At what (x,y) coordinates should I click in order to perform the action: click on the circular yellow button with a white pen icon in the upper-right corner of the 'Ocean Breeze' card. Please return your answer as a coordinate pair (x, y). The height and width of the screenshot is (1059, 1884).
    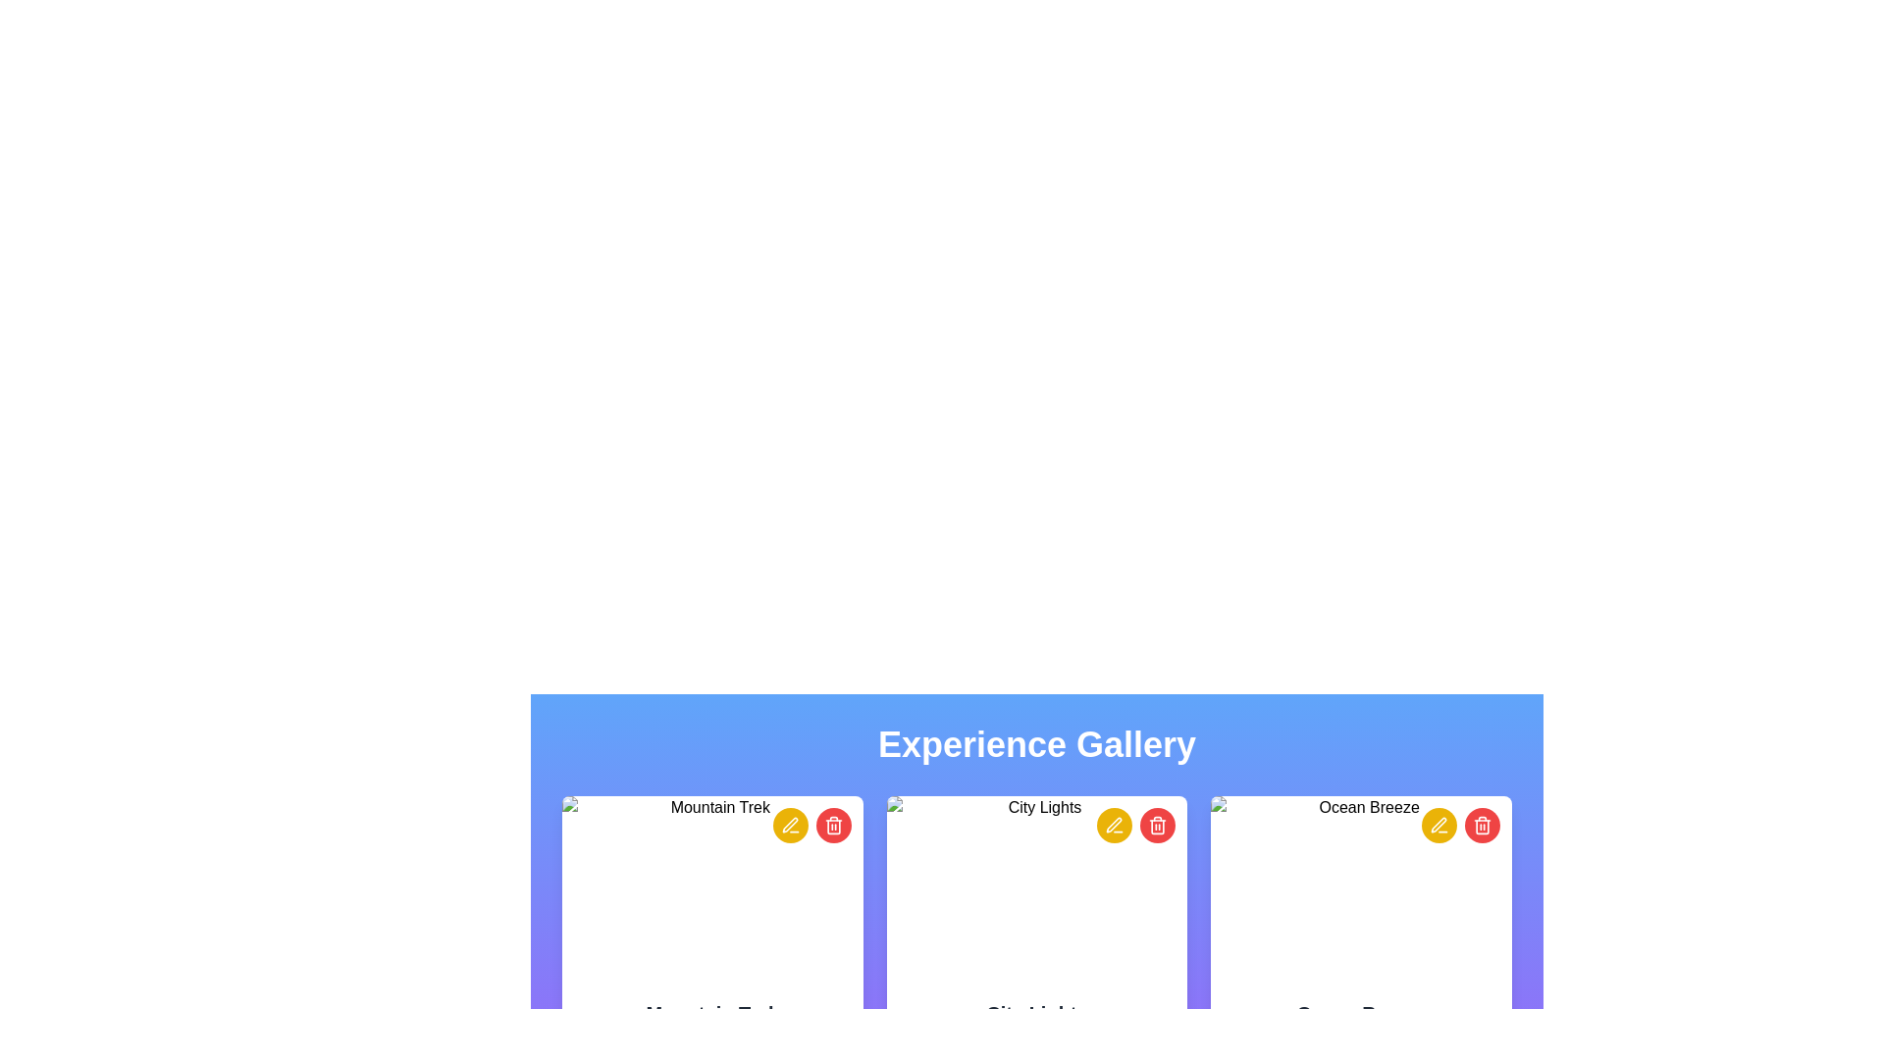
    Looking at the image, I should click on (1439, 825).